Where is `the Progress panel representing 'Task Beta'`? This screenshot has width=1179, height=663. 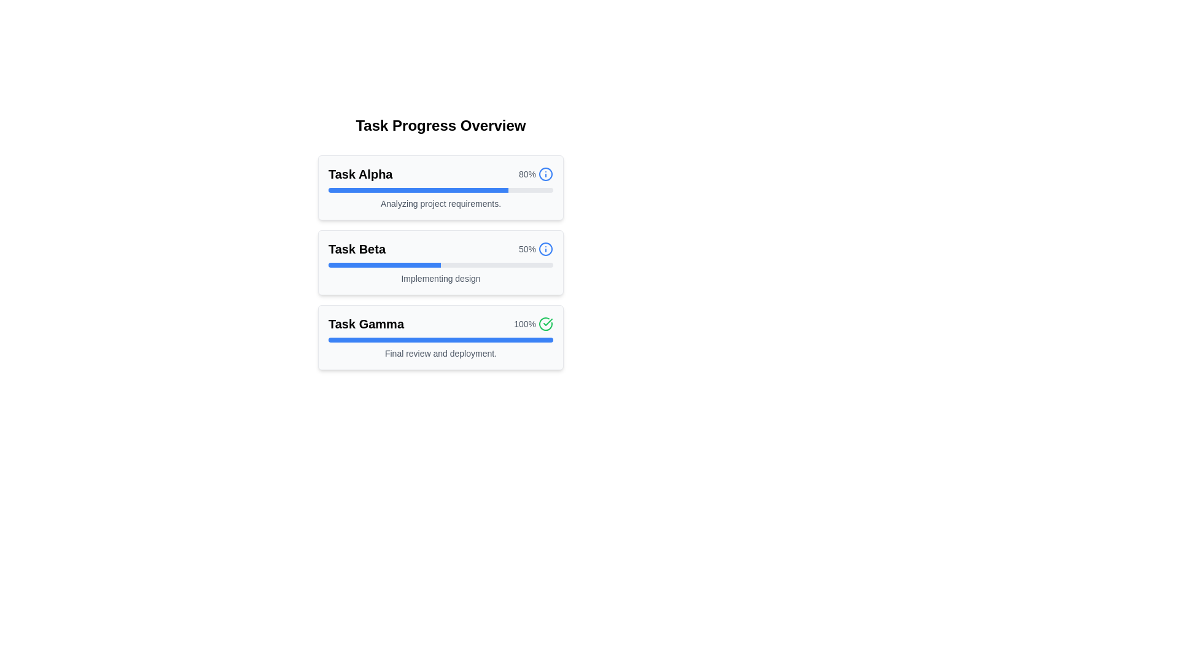 the Progress panel representing 'Task Beta' is located at coordinates (441, 262).